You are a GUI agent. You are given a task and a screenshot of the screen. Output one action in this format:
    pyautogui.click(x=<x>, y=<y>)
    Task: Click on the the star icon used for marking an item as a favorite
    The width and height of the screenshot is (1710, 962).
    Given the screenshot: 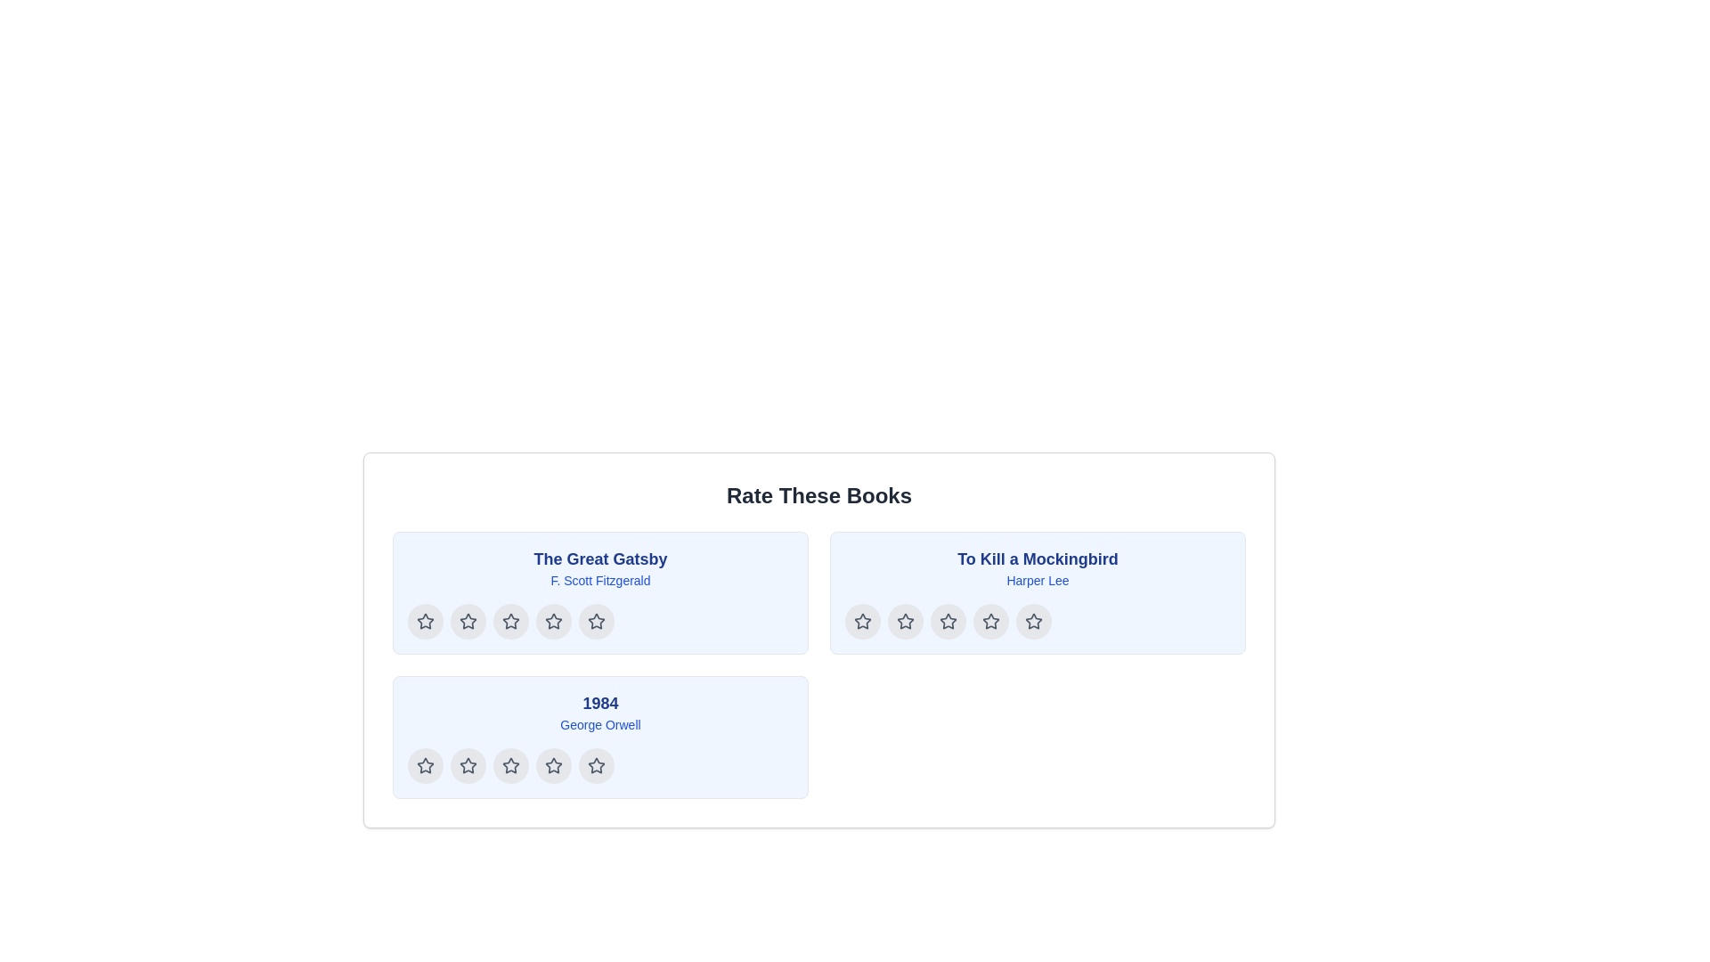 What is the action you would take?
    pyautogui.click(x=510, y=621)
    